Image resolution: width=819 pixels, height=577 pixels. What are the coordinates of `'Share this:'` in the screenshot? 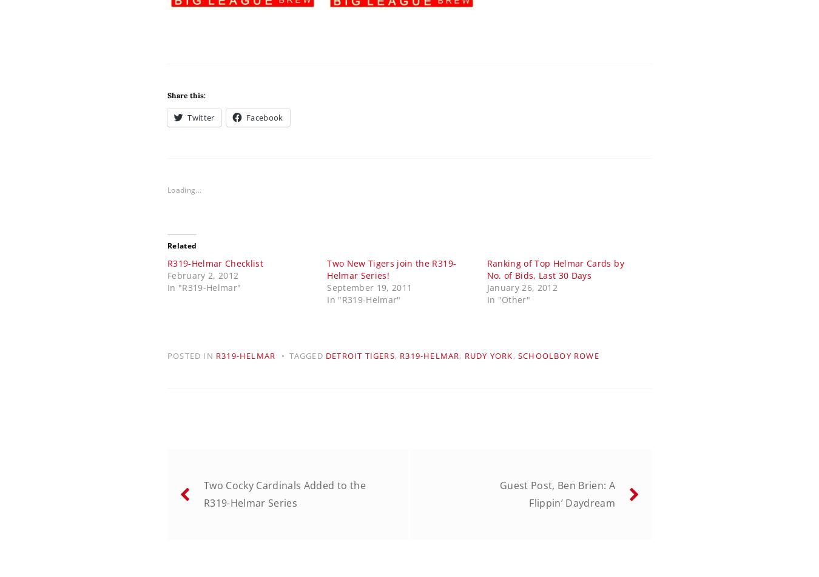 It's located at (186, 95).